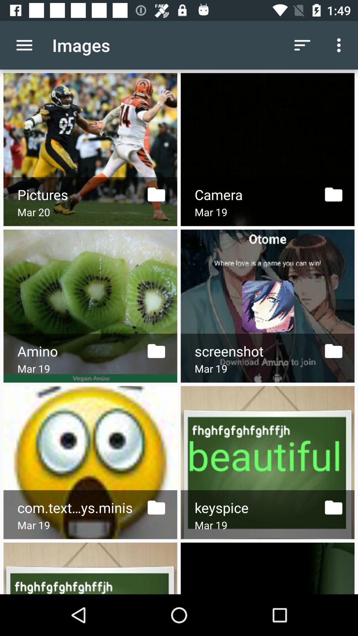  I want to click on the app next to images item, so click(24, 45).